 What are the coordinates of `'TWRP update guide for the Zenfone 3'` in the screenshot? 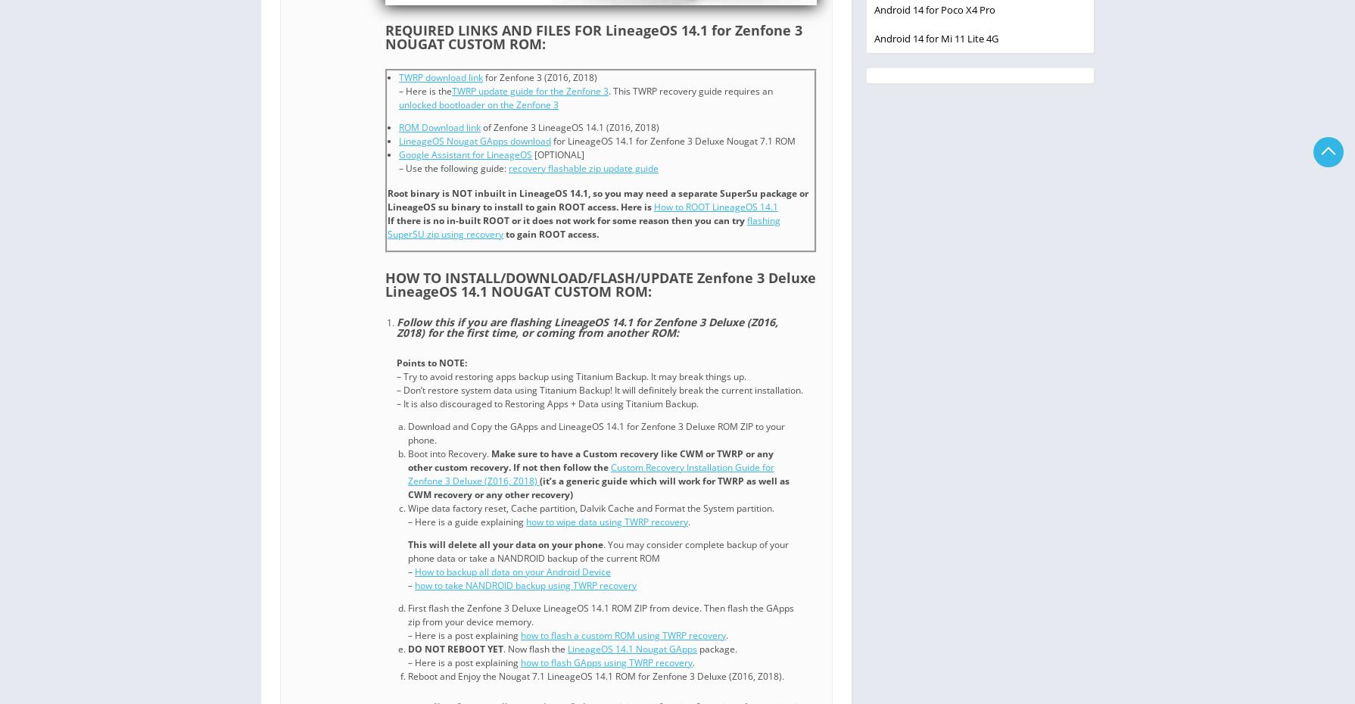 It's located at (450, 90).